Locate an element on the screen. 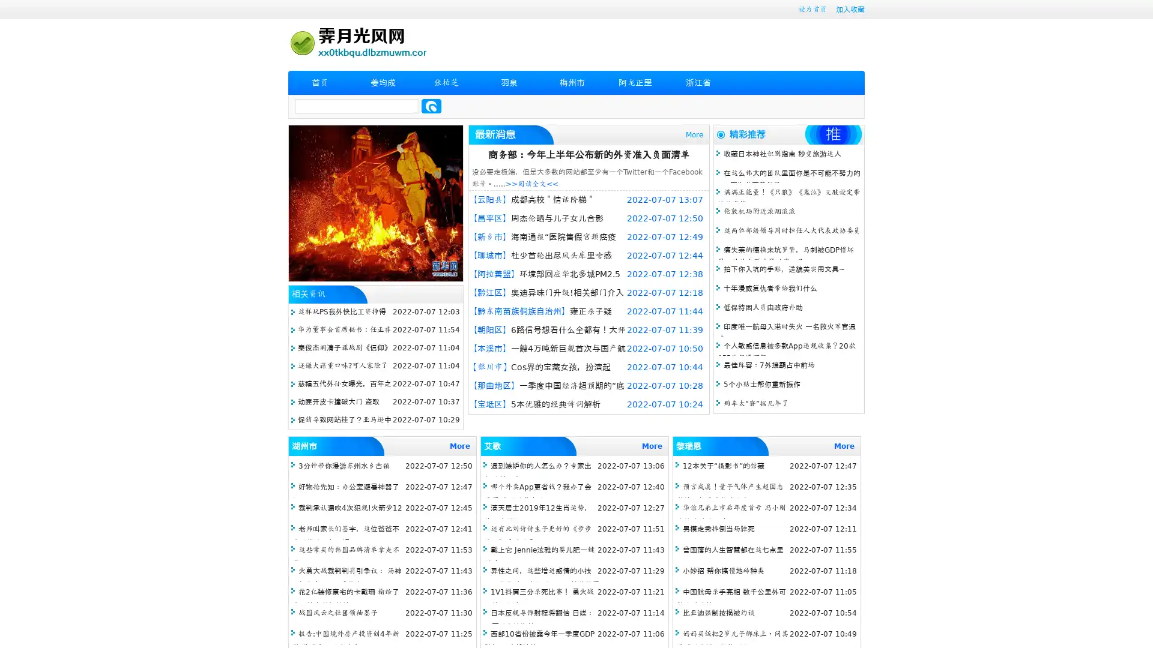 This screenshot has height=648, width=1153. Search is located at coordinates (431, 106).